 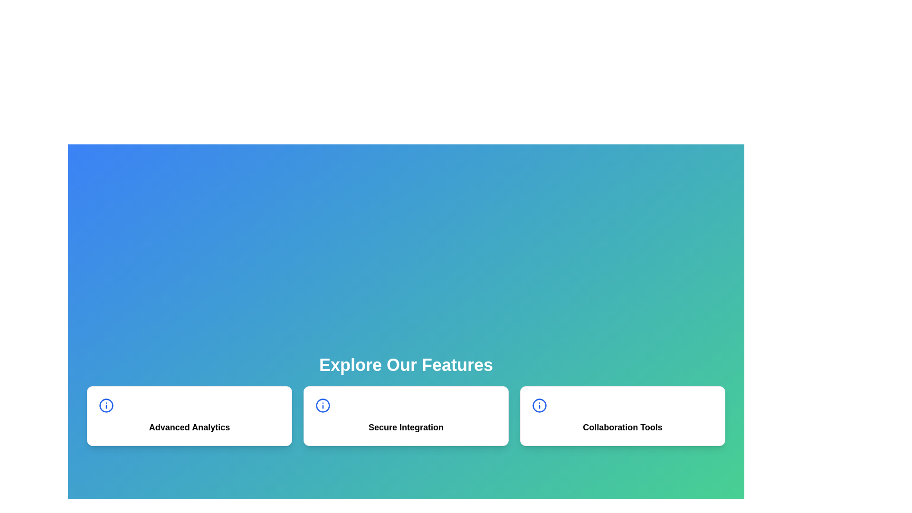 I want to click on the visual element, a circle within the 'Collaboration Tools' card's SVG graphic, which represents part of an information icon, so click(x=540, y=405).